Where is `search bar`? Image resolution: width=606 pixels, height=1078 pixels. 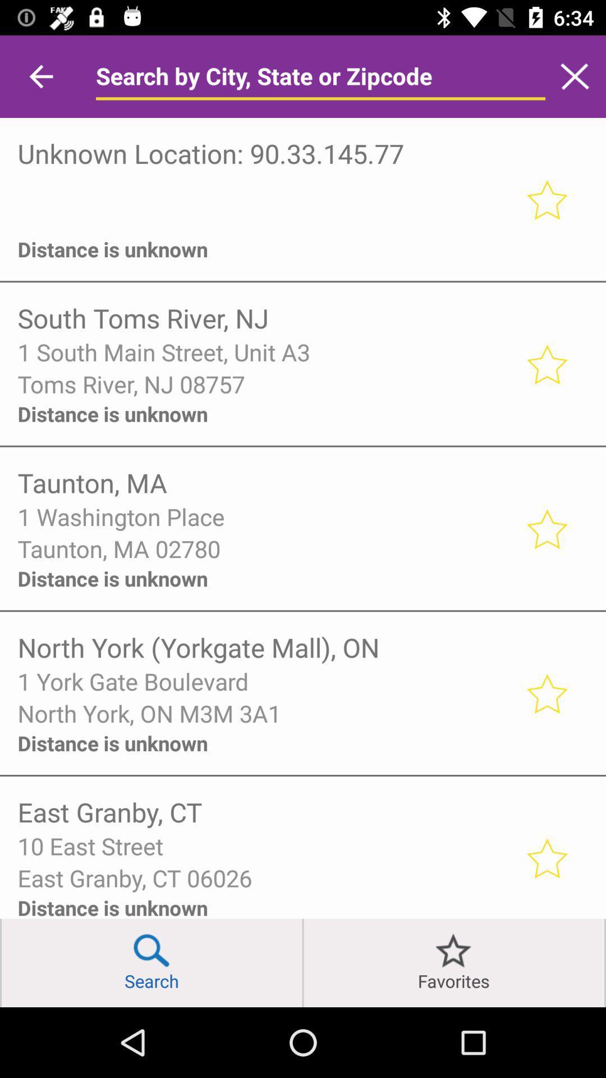
search bar is located at coordinates (320, 76).